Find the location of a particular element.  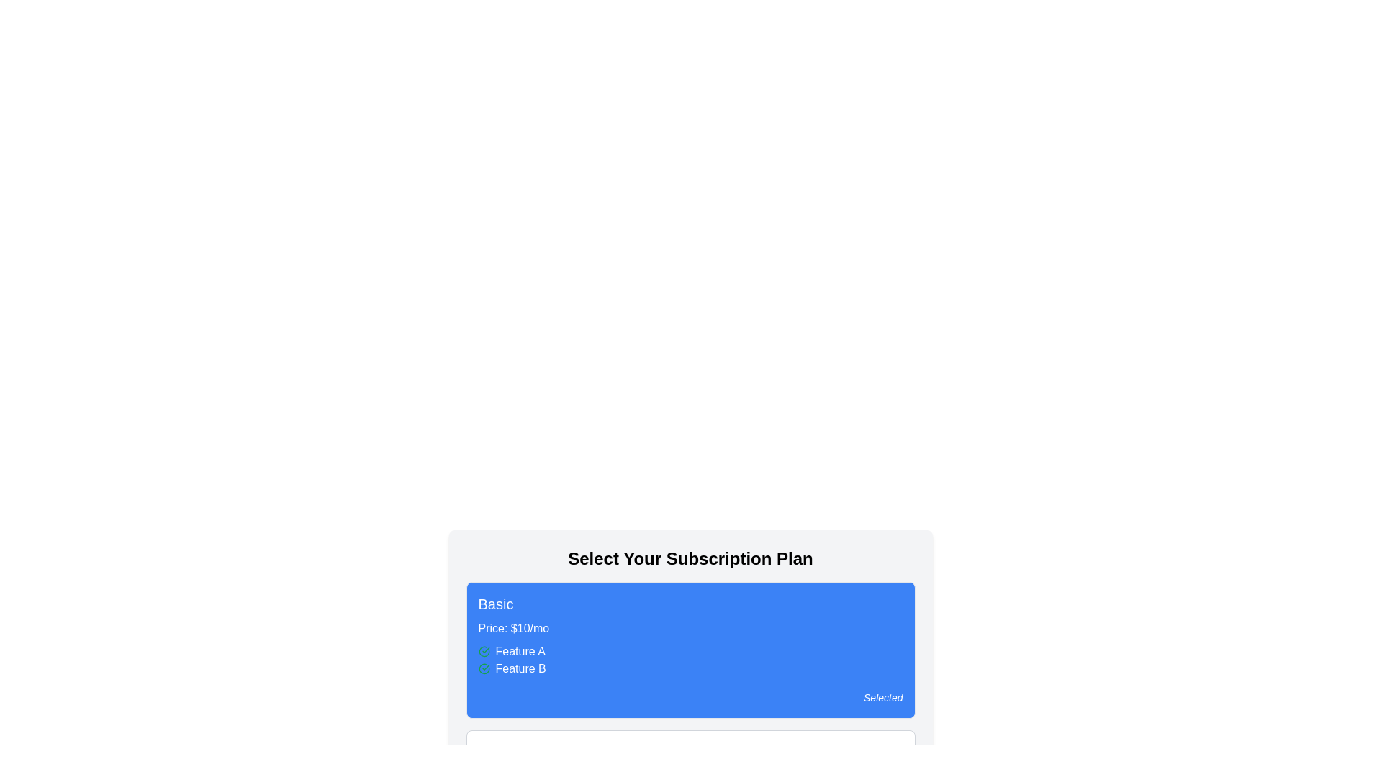

the circular checkmark icon outlined in green located next to the label 'Feature A' within the subscription plan section of the 'Basic' subscription plan is located at coordinates (484, 652).